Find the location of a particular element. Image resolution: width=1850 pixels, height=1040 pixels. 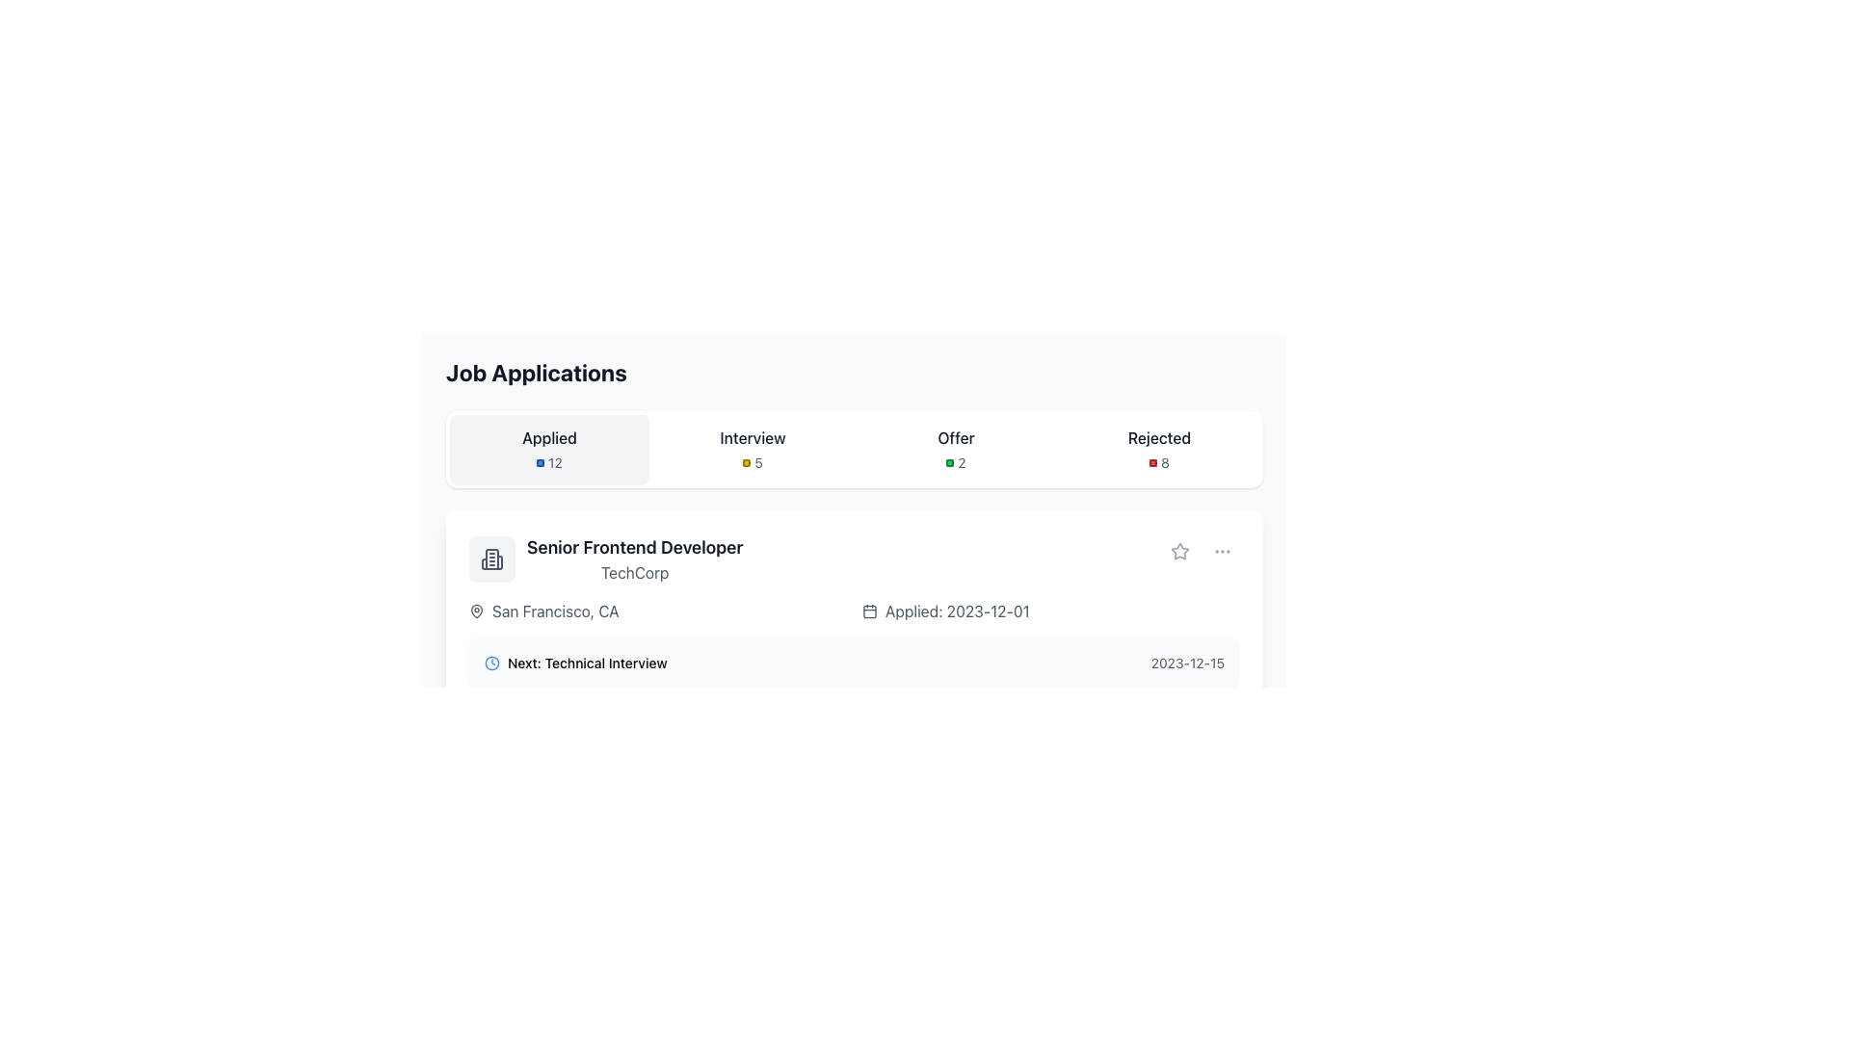

the label text reading 'TechCorp' which is styled in gray color and positioned below 'Senior Frontend Developer' in the job details section is located at coordinates (635, 571).